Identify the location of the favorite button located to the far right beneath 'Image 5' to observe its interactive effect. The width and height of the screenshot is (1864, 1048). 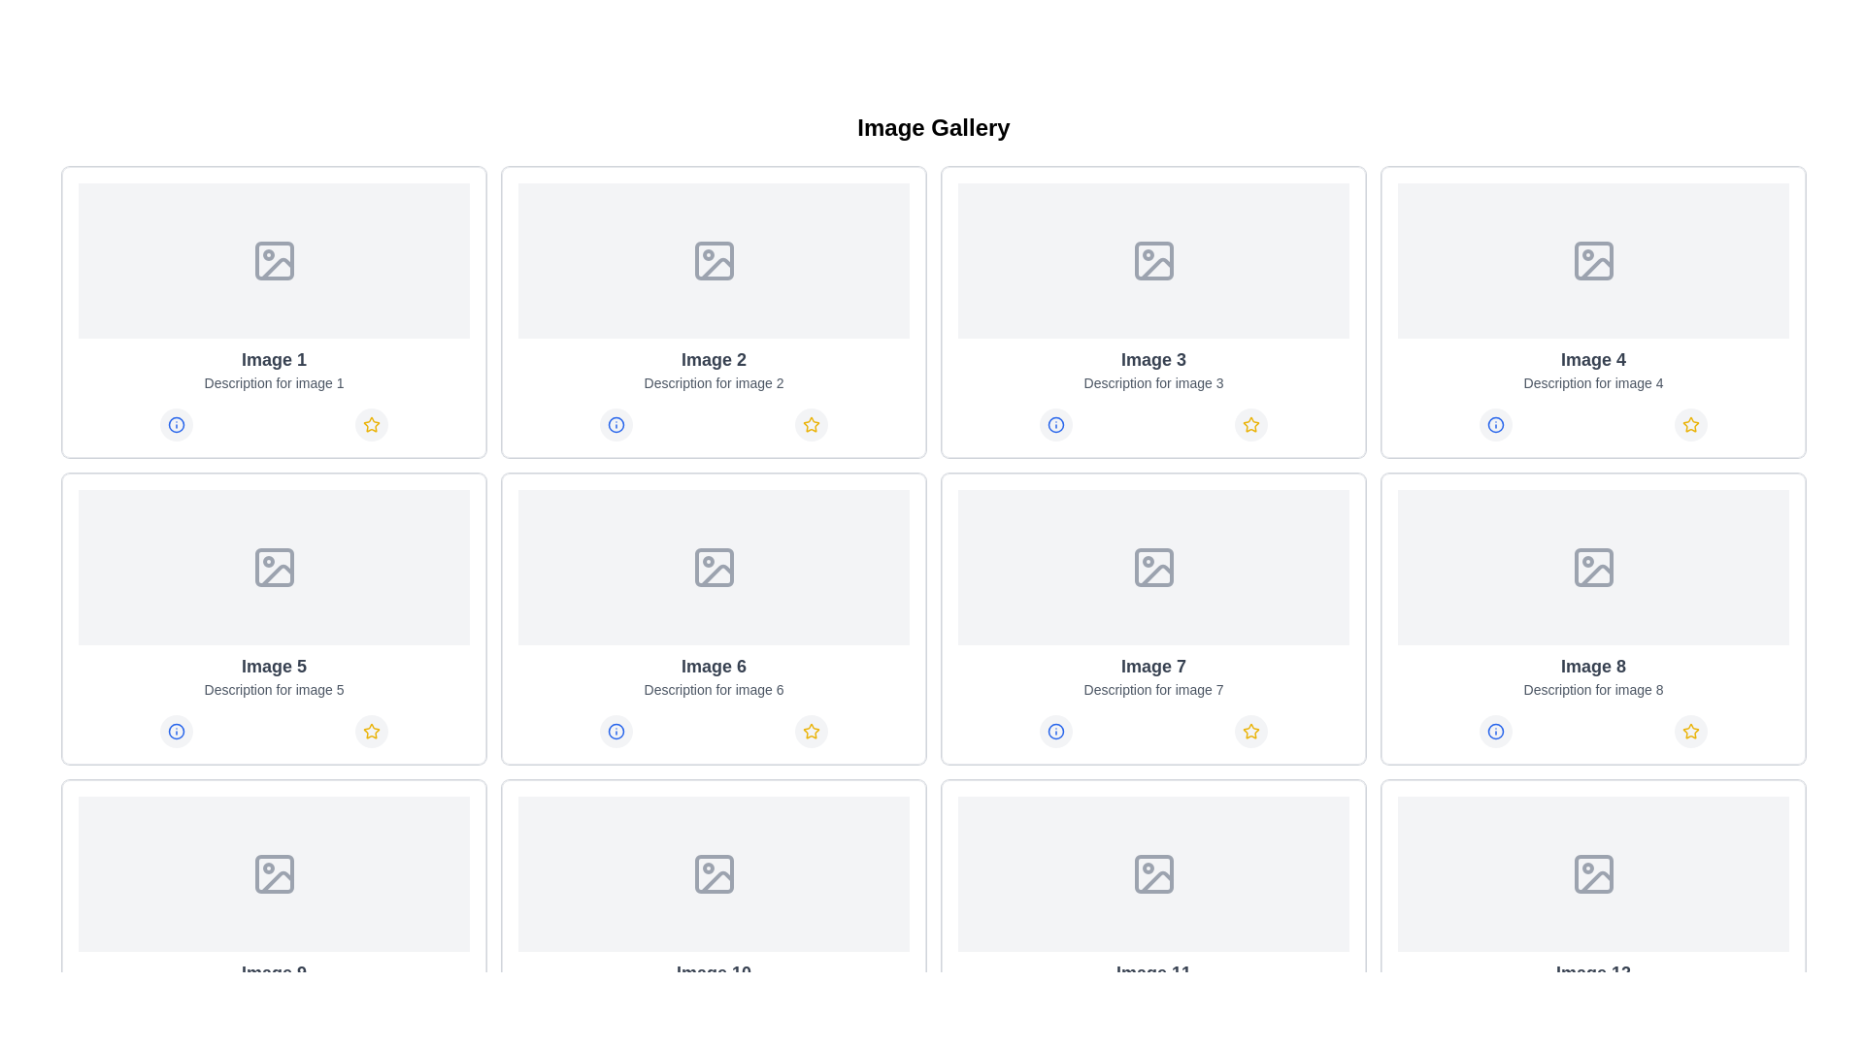
(372, 731).